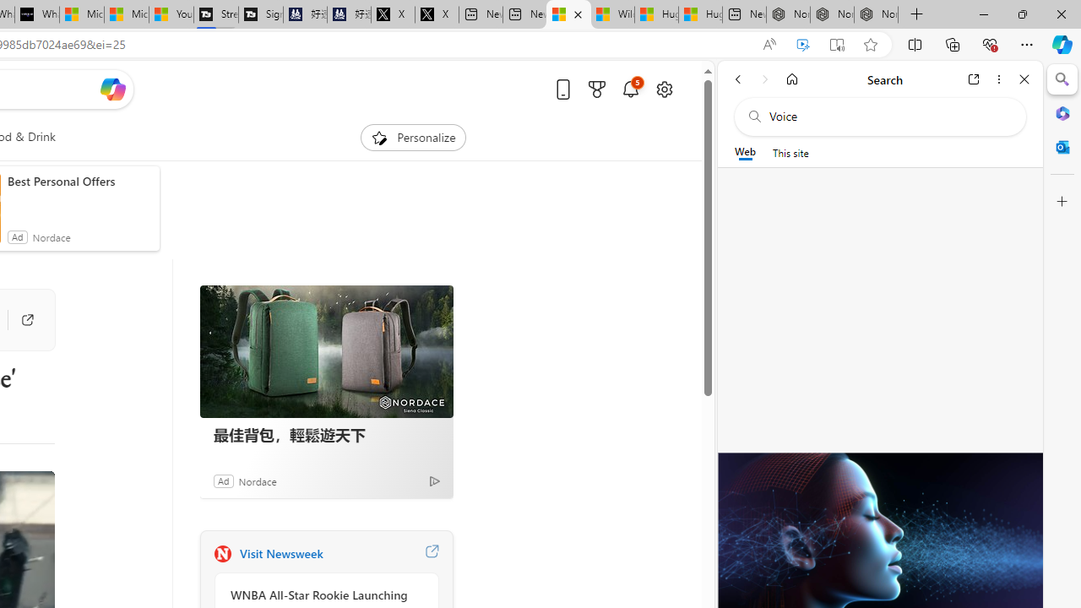  What do you see at coordinates (378, 136) in the screenshot?
I see `'To get missing image descriptions, open the context menu.'` at bounding box center [378, 136].